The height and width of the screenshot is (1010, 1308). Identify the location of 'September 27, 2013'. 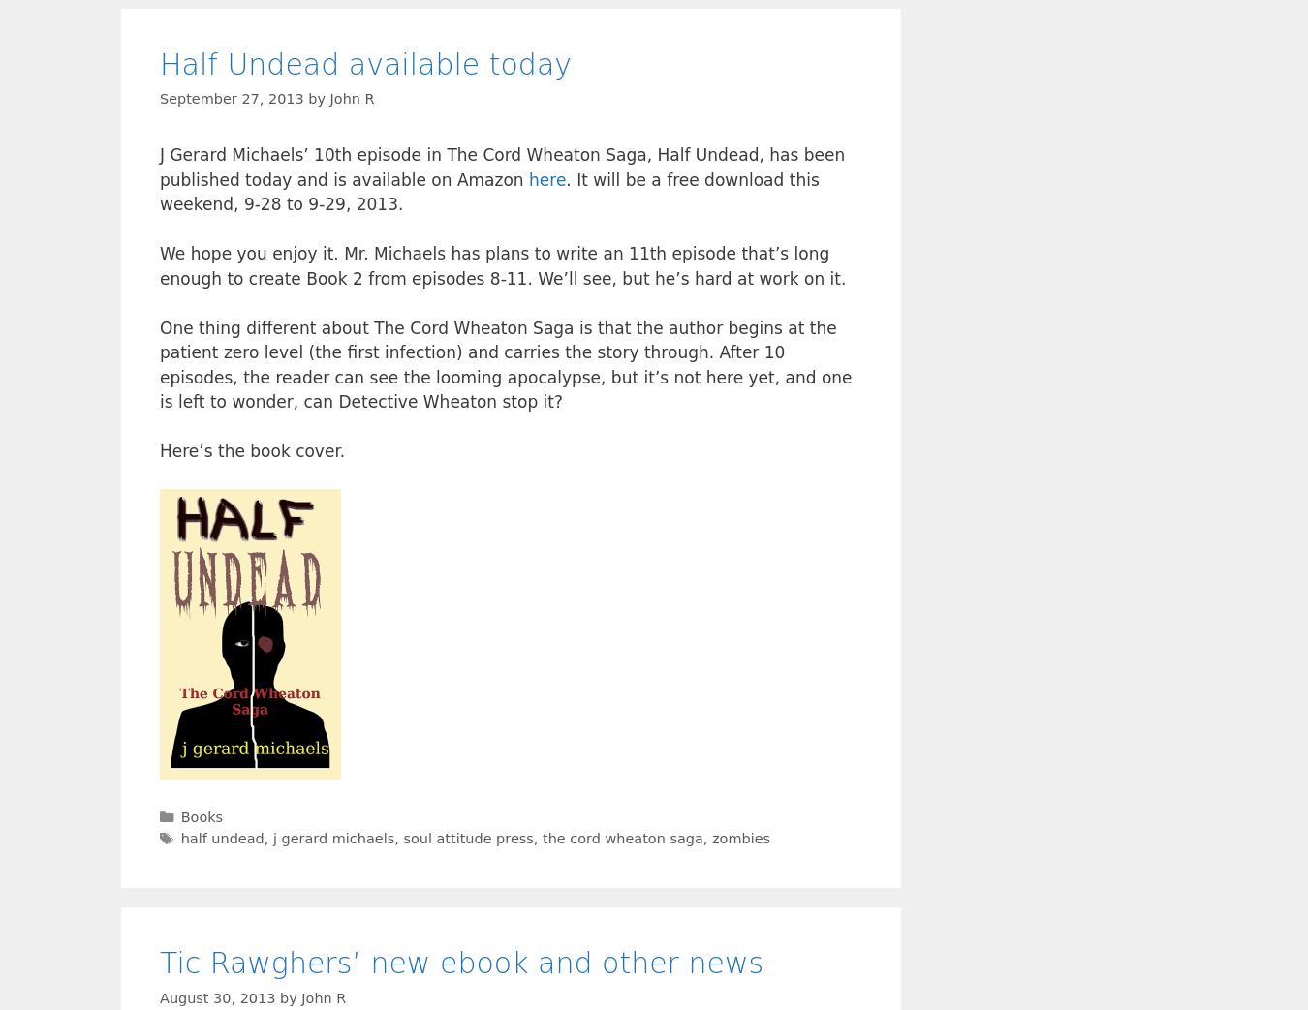
(230, 99).